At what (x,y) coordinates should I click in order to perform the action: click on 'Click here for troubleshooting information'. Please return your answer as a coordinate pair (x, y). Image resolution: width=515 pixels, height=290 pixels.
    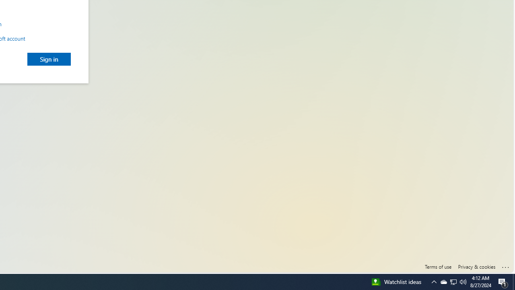
    Looking at the image, I should click on (505, 265).